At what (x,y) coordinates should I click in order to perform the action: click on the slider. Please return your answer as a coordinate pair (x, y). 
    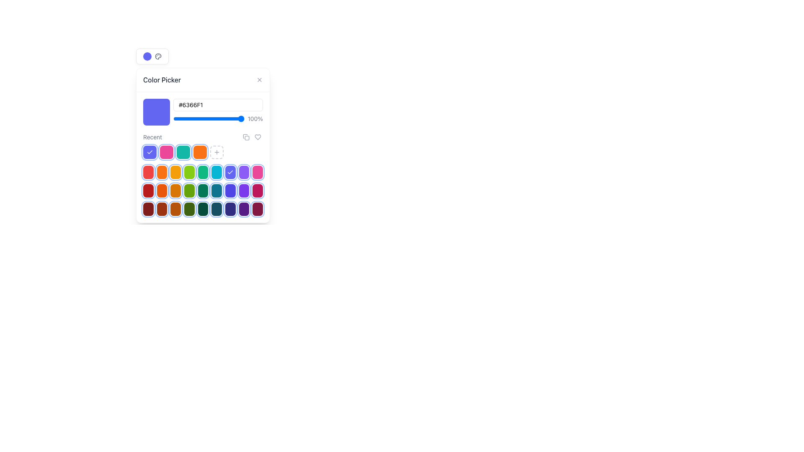
    Looking at the image, I should click on (212, 119).